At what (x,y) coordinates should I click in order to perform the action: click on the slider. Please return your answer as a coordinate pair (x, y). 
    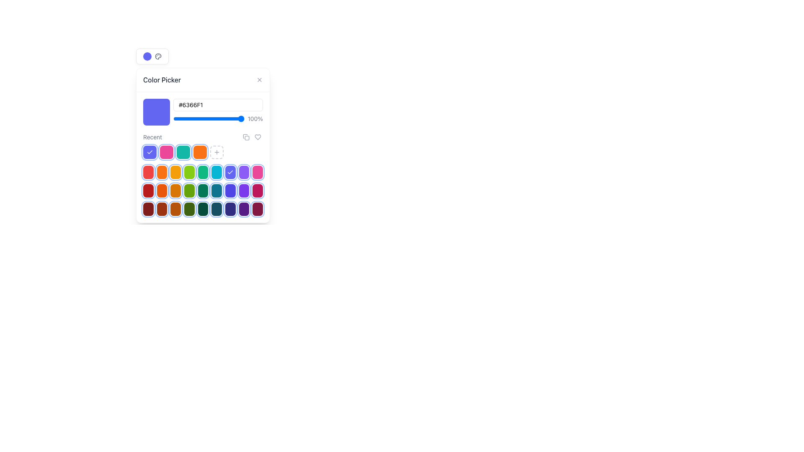
    Looking at the image, I should click on (212, 119).